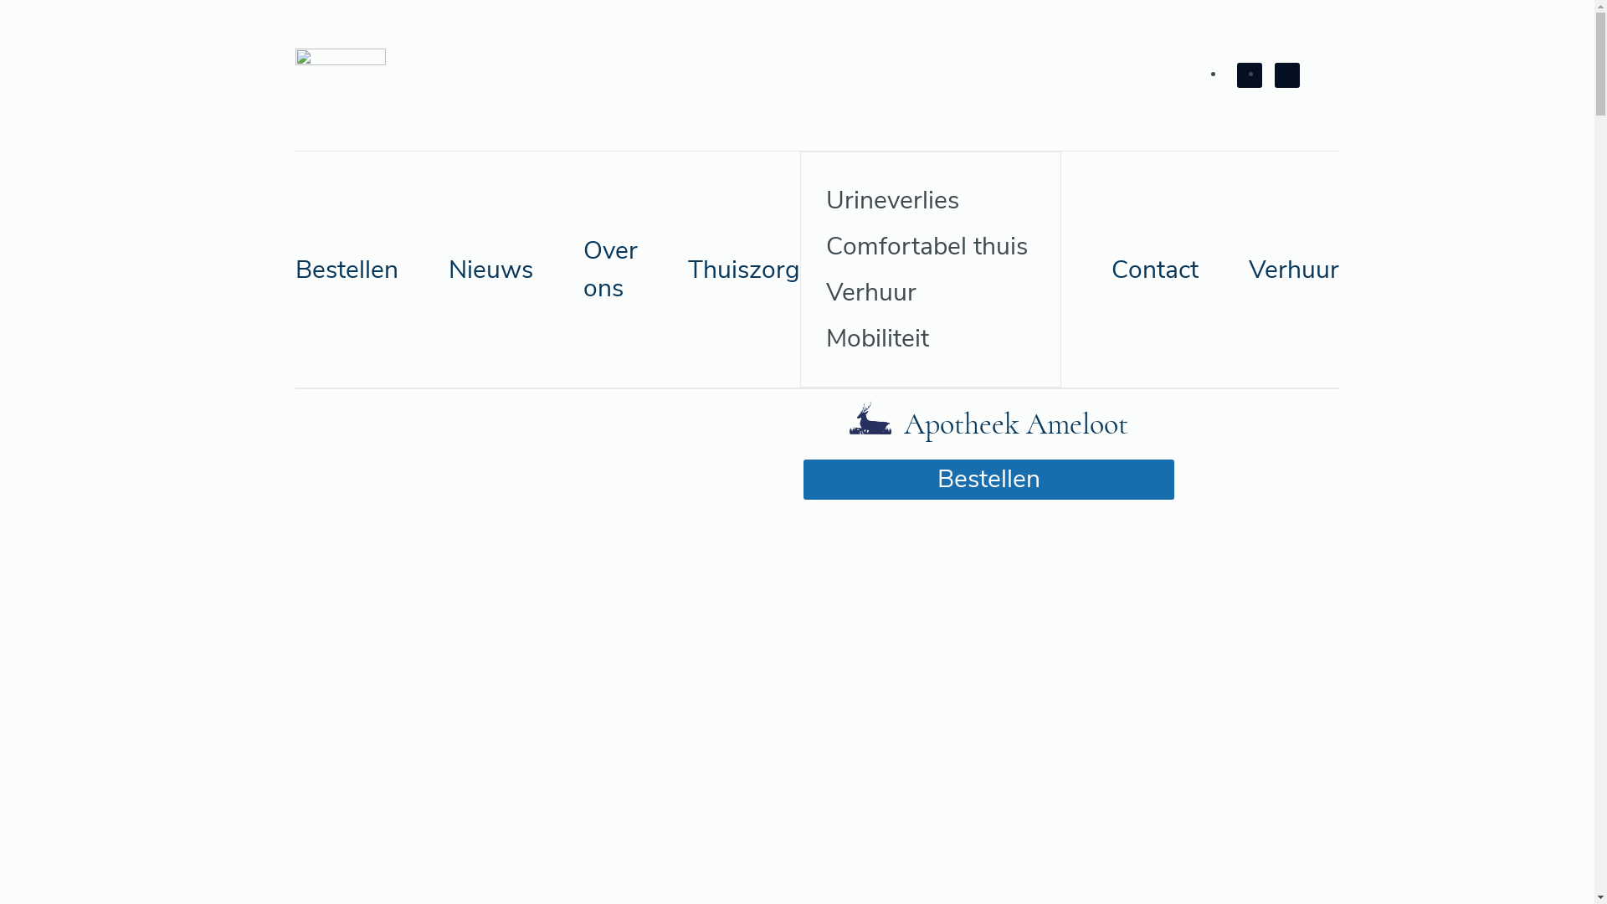  I want to click on 'Contact', so click(1154, 268).